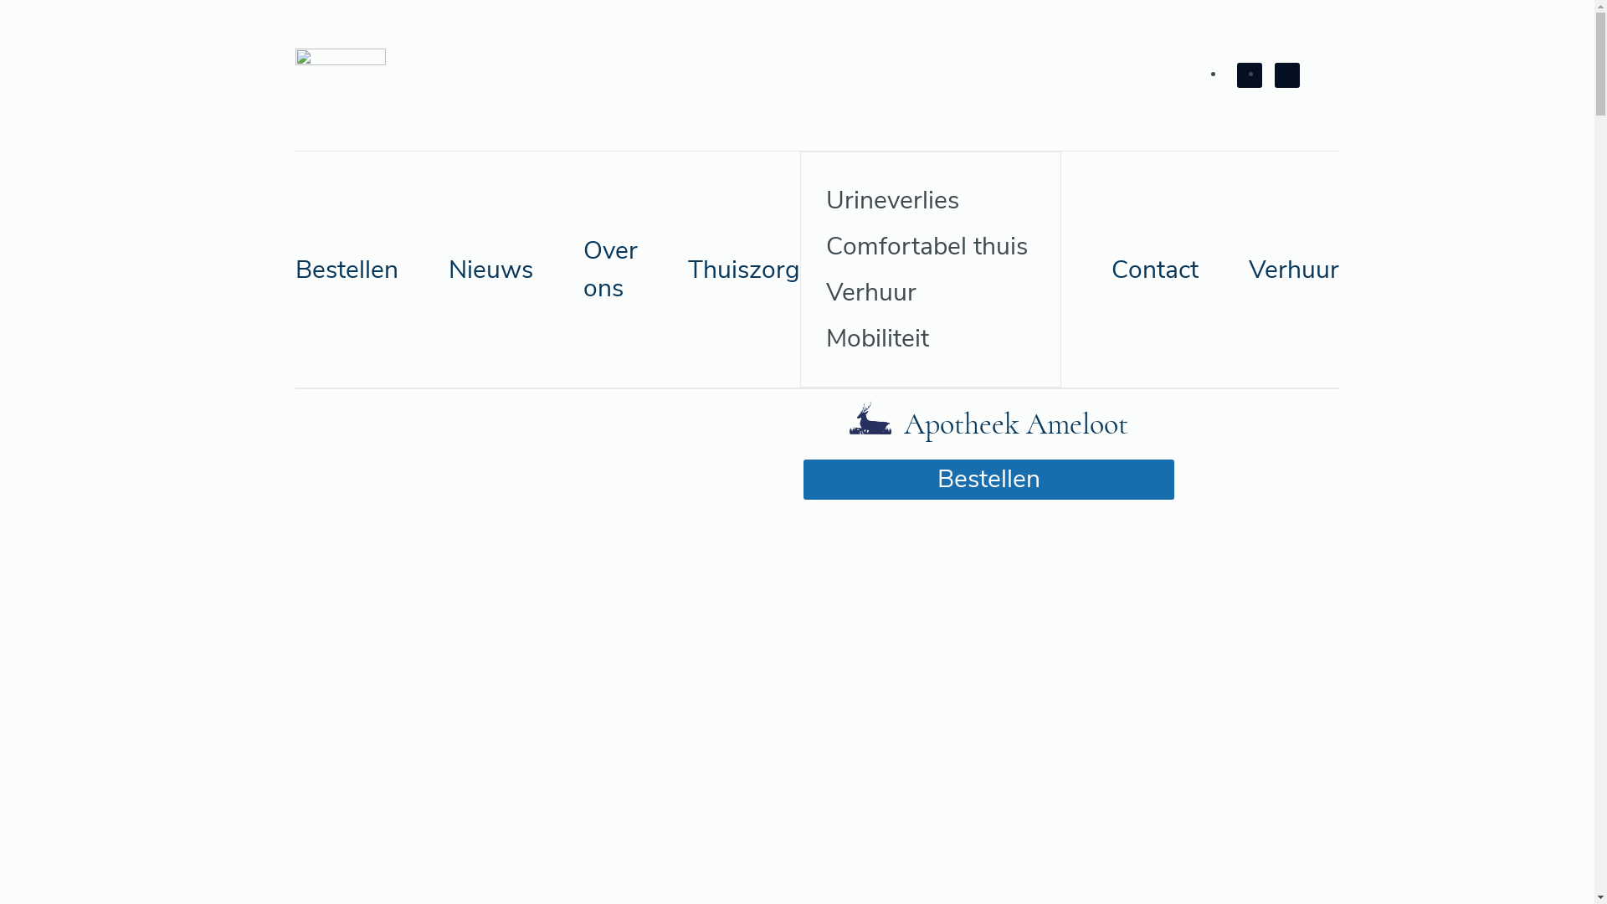  I want to click on 'Contact', so click(1154, 268).